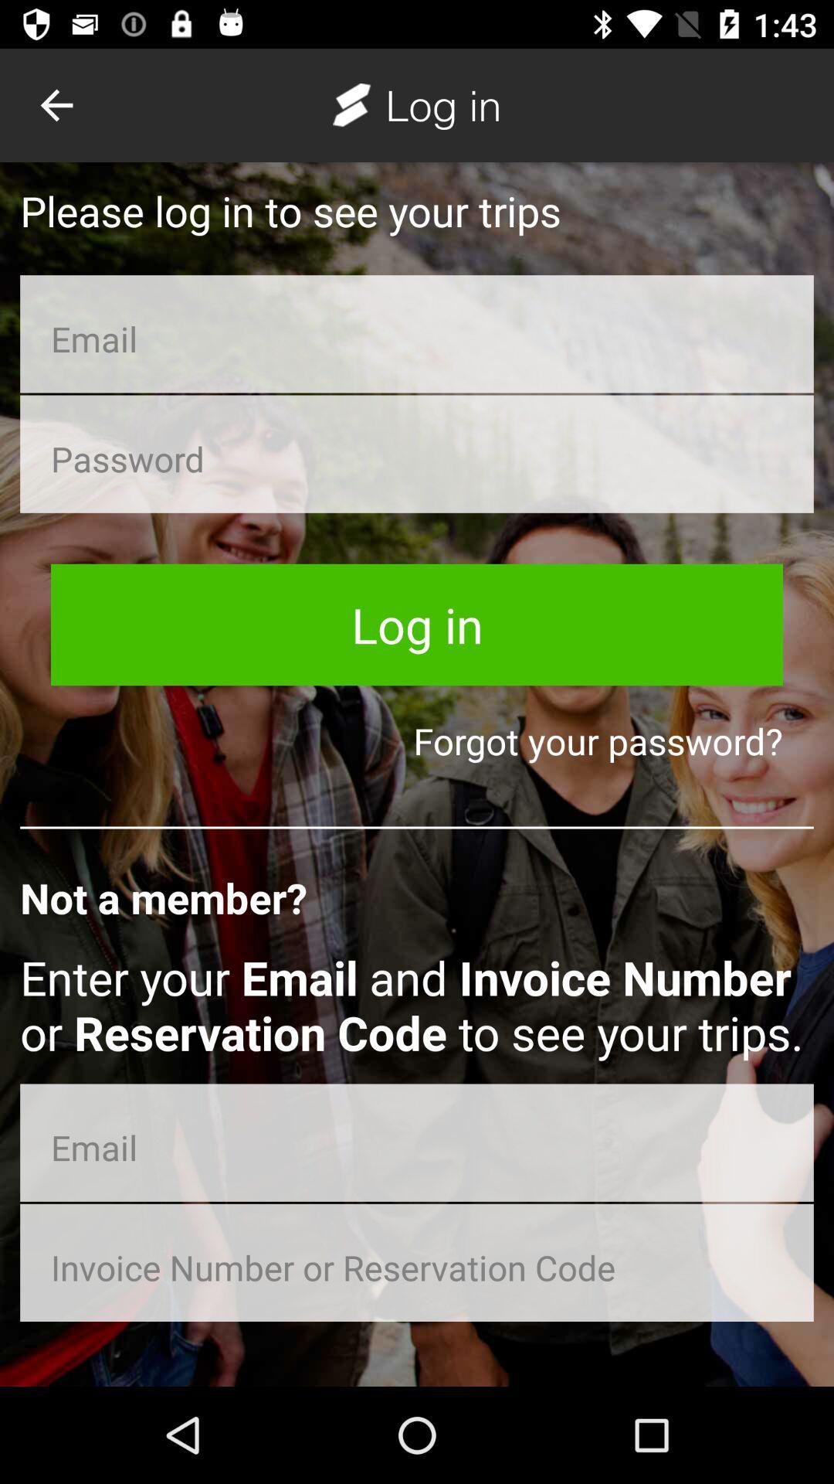  What do you see at coordinates (417, 740) in the screenshot?
I see `item below the log in item` at bounding box center [417, 740].